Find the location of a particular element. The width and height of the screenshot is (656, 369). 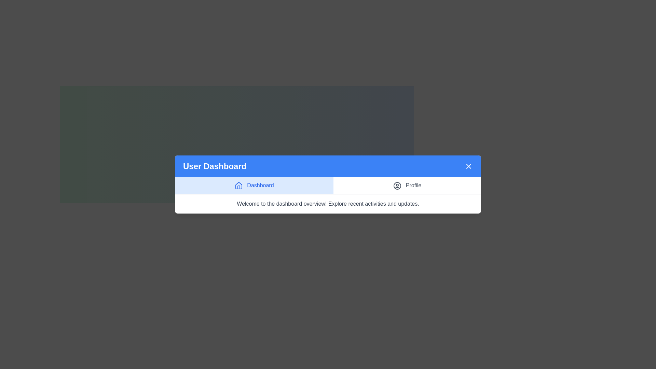

the Tab Button located in the tab-like menu at the top of the interface, which directs the user to the dashboard view when clicked is located at coordinates (254, 186).